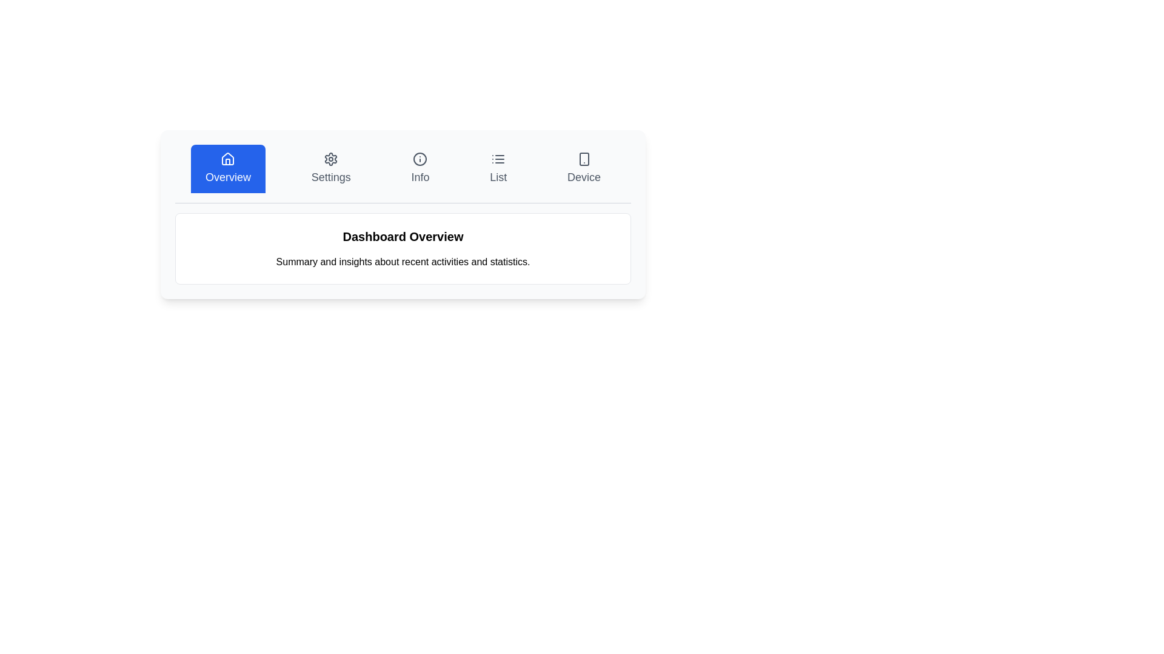 The image size is (1164, 654). I want to click on the 'Information' text label in the navigation bar, so click(420, 177).